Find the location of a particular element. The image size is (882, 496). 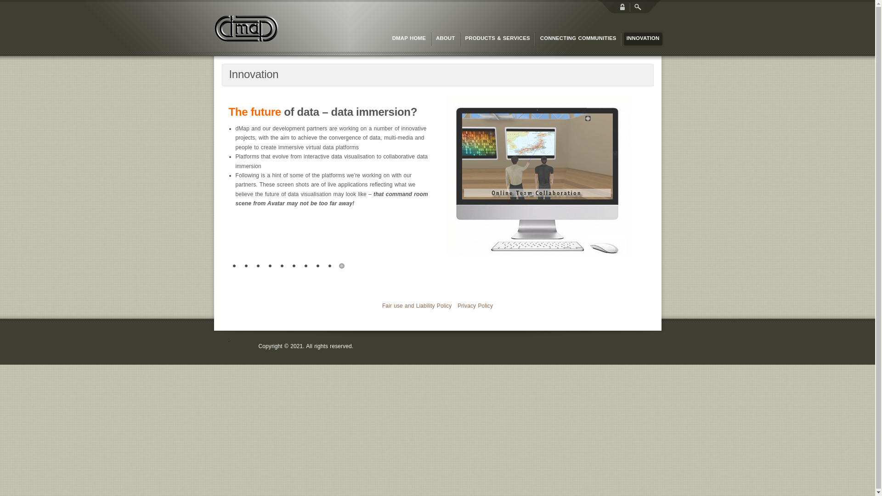

'#' is located at coordinates (257, 266).